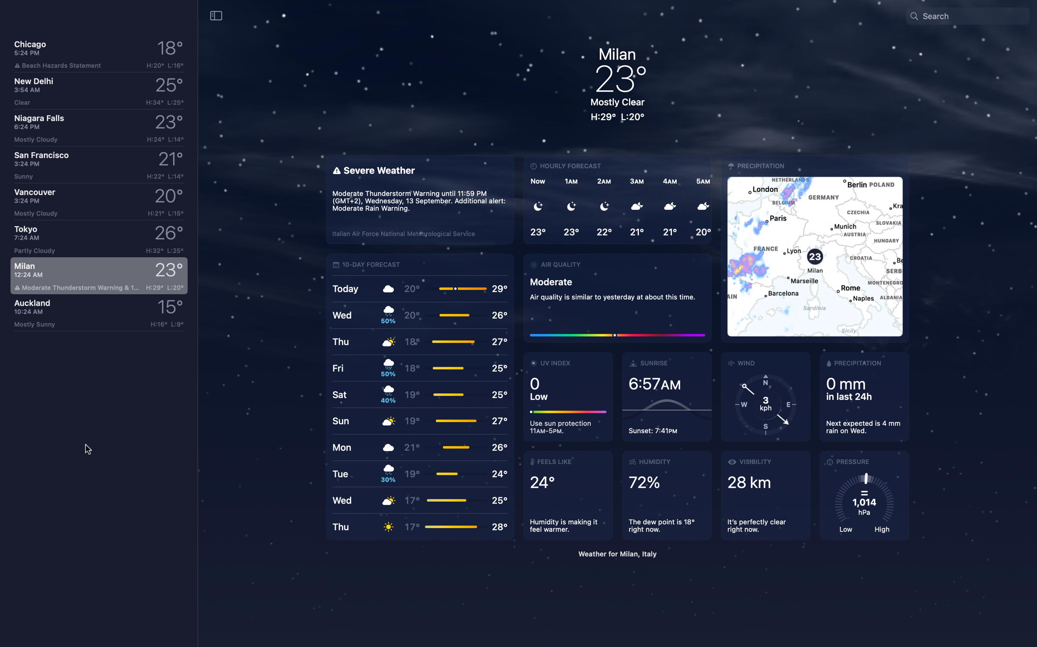 The width and height of the screenshot is (1037, 647). What do you see at coordinates (96, 239) in the screenshot?
I see `Look up Tokyo"s weather conditions` at bounding box center [96, 239].